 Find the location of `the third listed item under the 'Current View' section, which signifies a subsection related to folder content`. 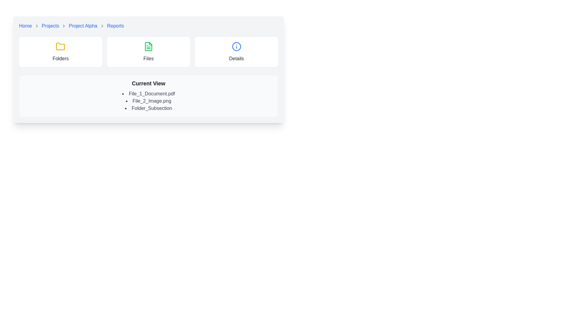

the third listed item under the 'Current View' section, which signifies a subsection related to folder content is located at coordinates (148, 108).